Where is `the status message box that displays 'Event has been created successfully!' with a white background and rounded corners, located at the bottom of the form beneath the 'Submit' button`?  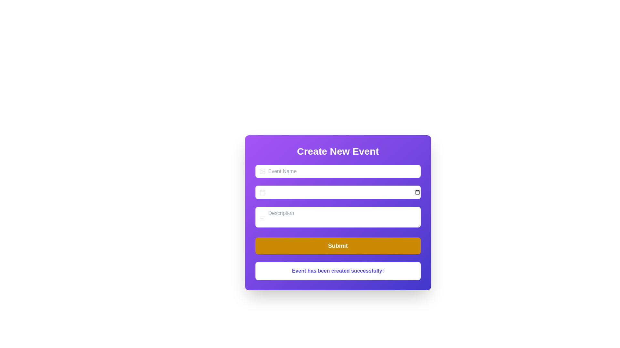 the status message box that displays 'Event has been created successfully!' with a white background and rounded corners, located at the bottom of the form beneath the 'Submit' button is located at coordinates (337, 271).